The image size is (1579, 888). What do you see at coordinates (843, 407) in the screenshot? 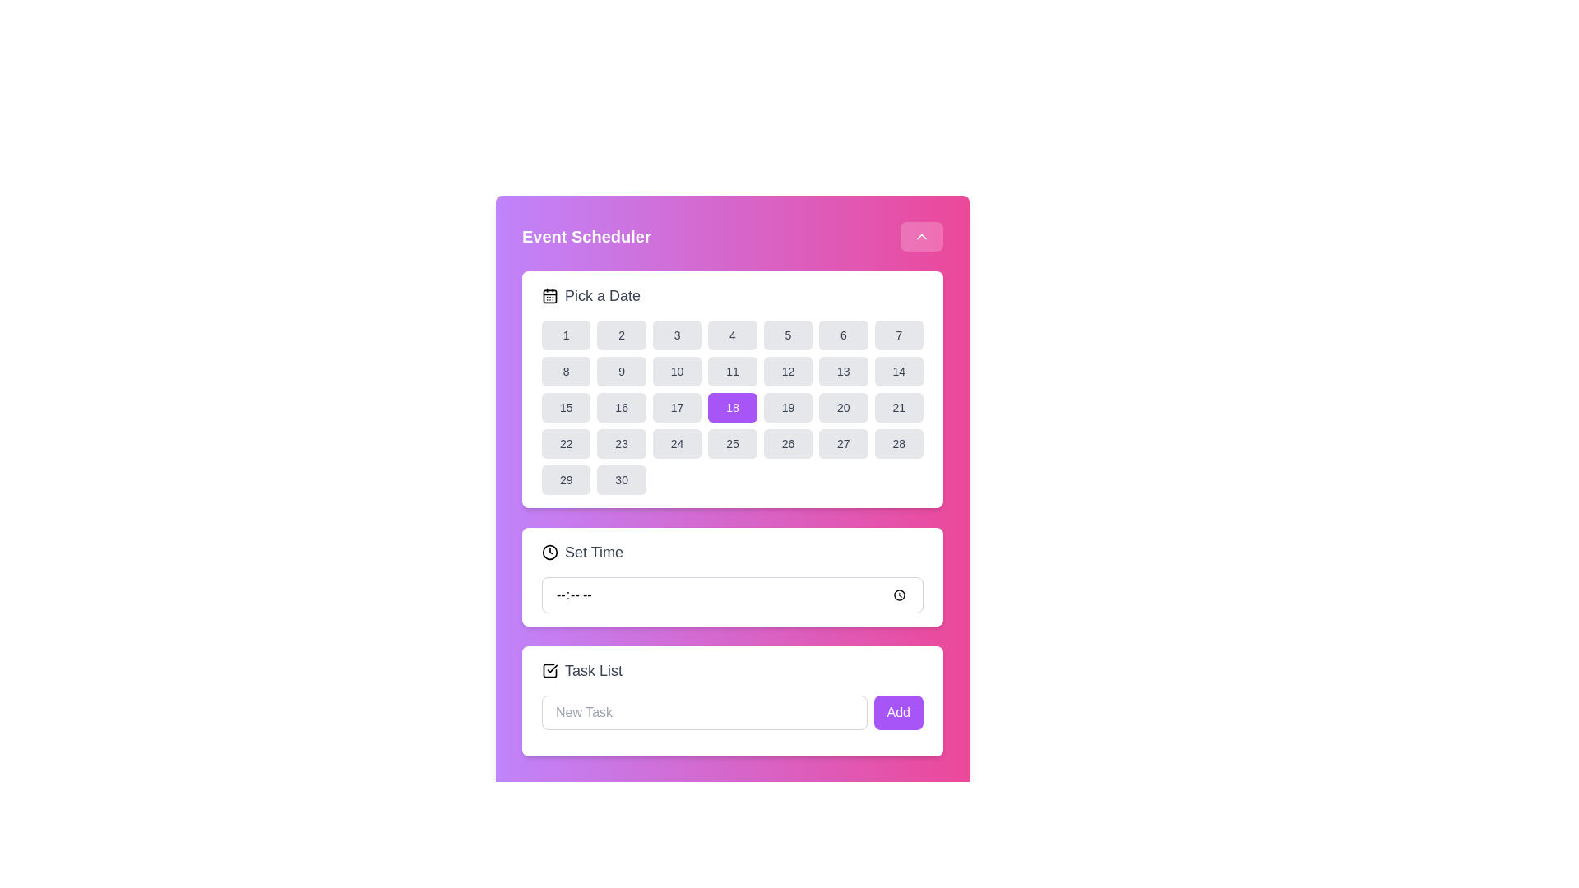
I see `the date button representing '20' in the date-picker calendar` at bounding box center [843, 407].